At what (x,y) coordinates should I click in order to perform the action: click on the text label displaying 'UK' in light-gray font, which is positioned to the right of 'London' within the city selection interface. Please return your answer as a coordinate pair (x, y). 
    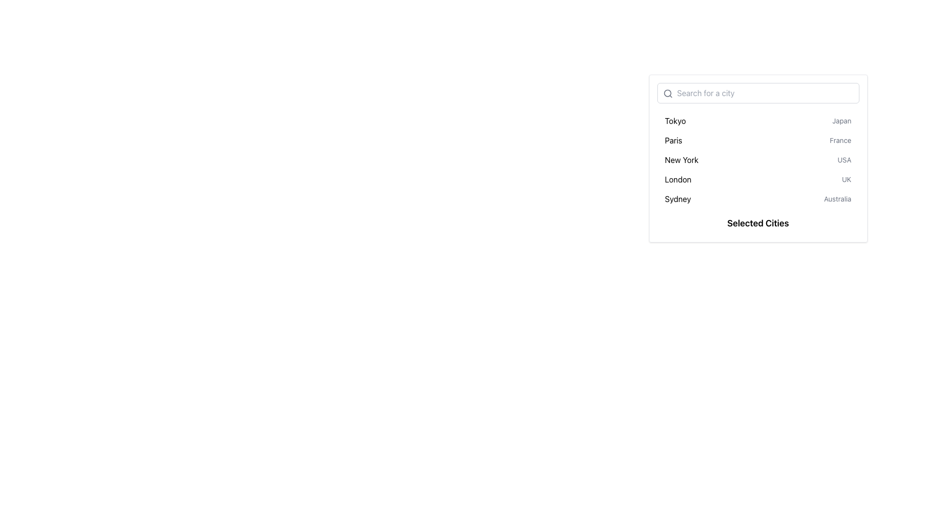
    Looking at the image, I should click on (846, 179).